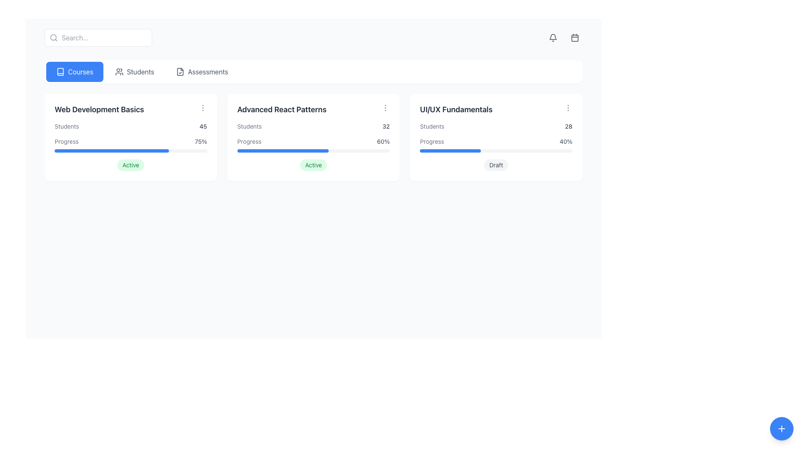 The height and width of the screenshot is (454, 807). I want to click on the Progress bar fill element indicating 40% completion within the 'UI/UX Fundamentals' card, located on the far-right of the main section, so click(450, 150).